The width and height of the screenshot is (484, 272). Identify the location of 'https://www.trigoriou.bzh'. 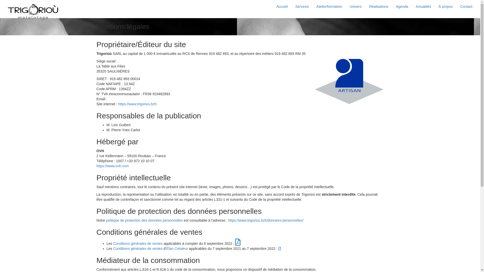
(137, 104).